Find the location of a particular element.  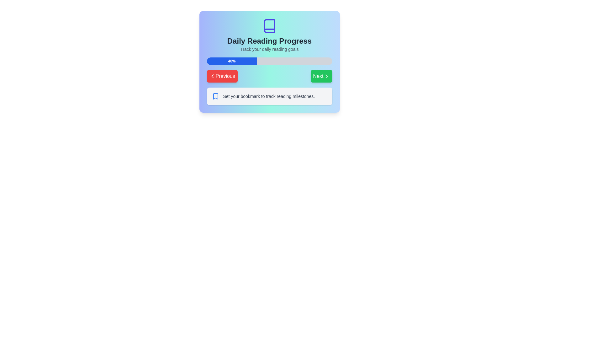

the red 'Previous' button with rounded corners and a left-pointing chevron icon is located at coordinates (222, 76).